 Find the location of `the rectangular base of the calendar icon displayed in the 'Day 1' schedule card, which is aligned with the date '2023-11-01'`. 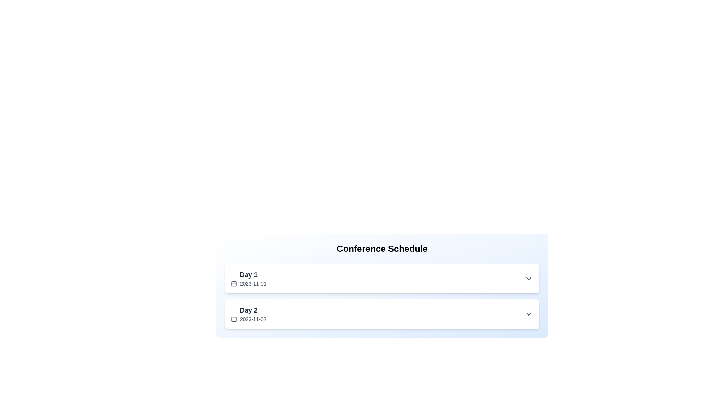

the rectangular base of the calendar icon displayed in the 'Day 1' schedule card, which is aligned with the date '2023-11-01' is located at coordinates (234, 283).